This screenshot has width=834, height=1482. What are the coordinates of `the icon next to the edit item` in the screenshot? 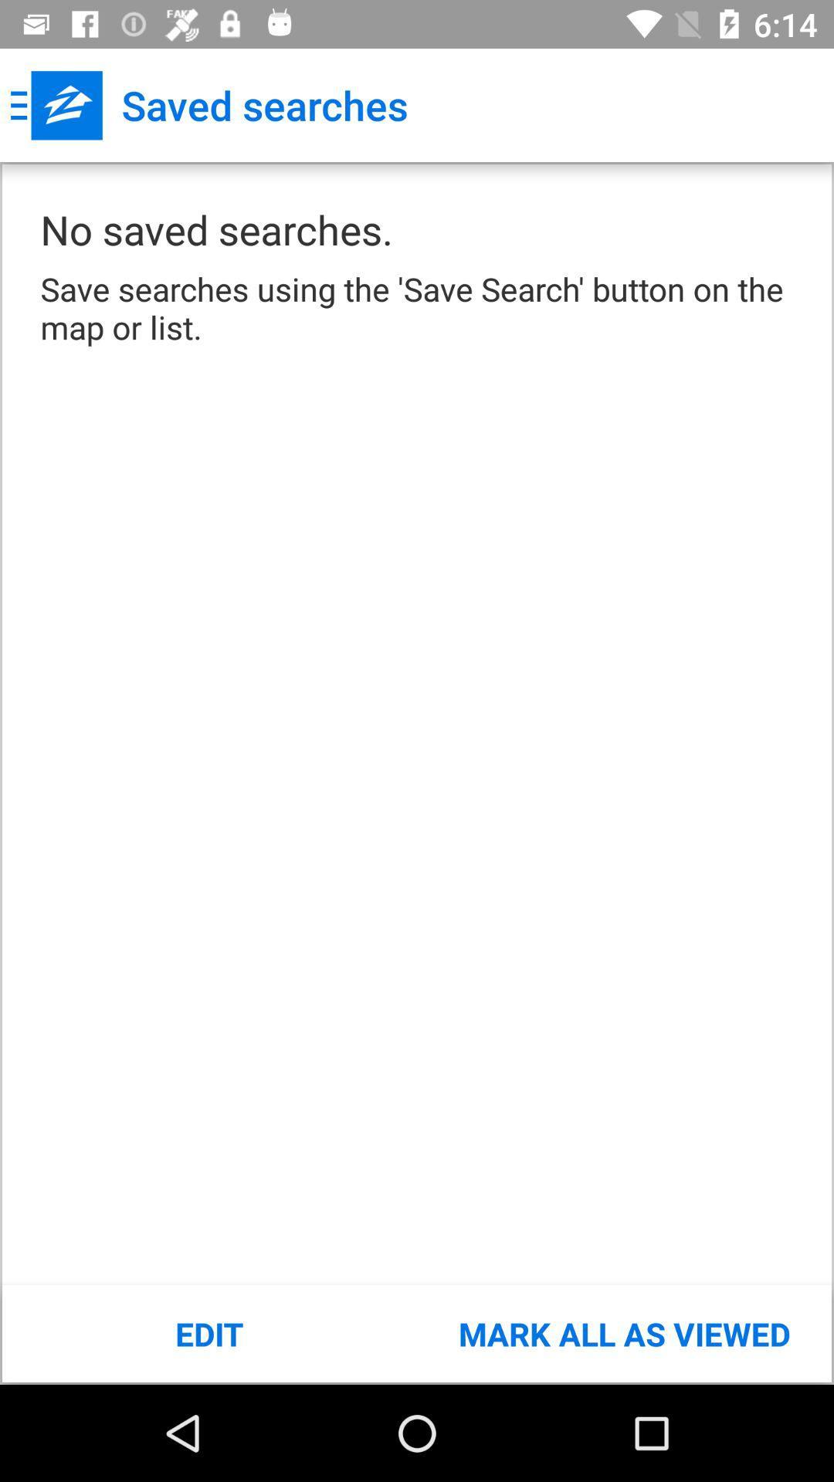 It's located at (623, 1333).